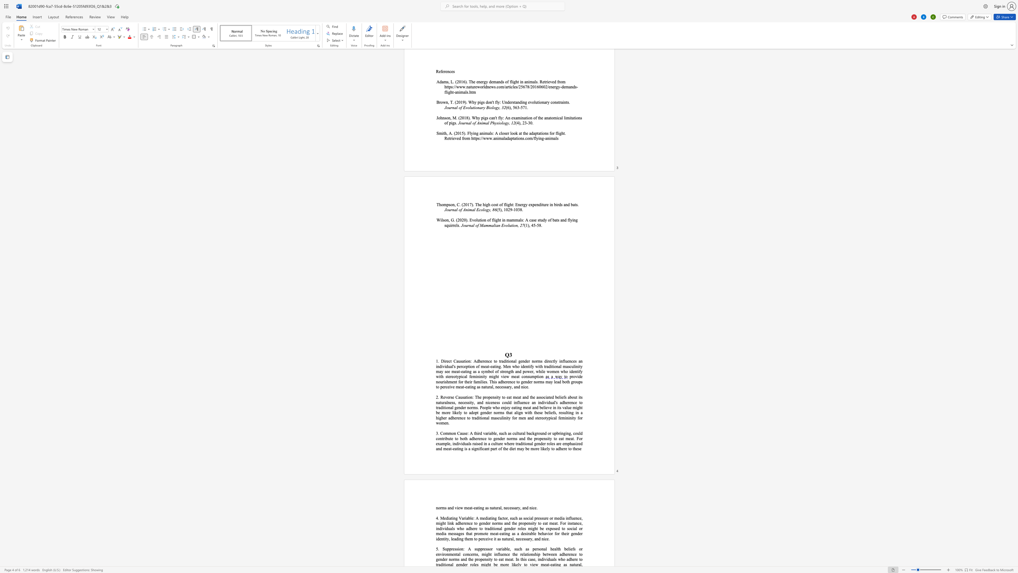 The height and width of the screenshot is (573, 1018). What do you see at coordinates (500, 366) in the screenshot?
I see `the space between the continuous character "g" and "." in the text` at bounding box center [500, 366].